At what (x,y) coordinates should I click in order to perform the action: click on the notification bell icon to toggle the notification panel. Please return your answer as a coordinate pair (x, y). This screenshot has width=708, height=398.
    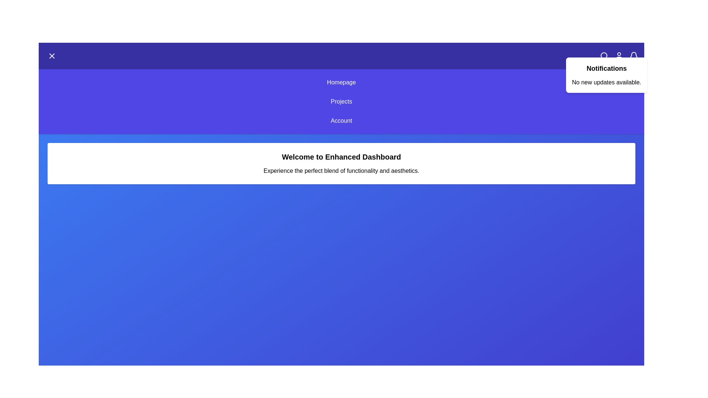
    Looking at the image, I should click on (633, 55).